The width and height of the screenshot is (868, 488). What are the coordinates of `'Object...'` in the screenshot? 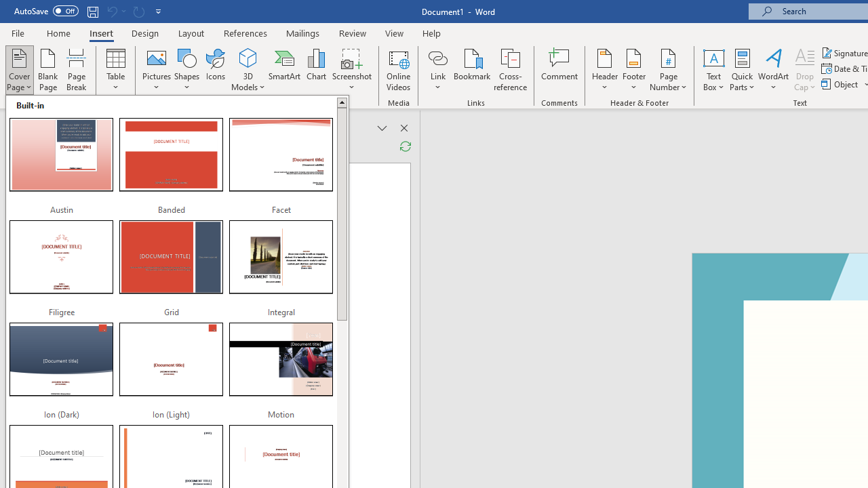 It's located at (840, 84).